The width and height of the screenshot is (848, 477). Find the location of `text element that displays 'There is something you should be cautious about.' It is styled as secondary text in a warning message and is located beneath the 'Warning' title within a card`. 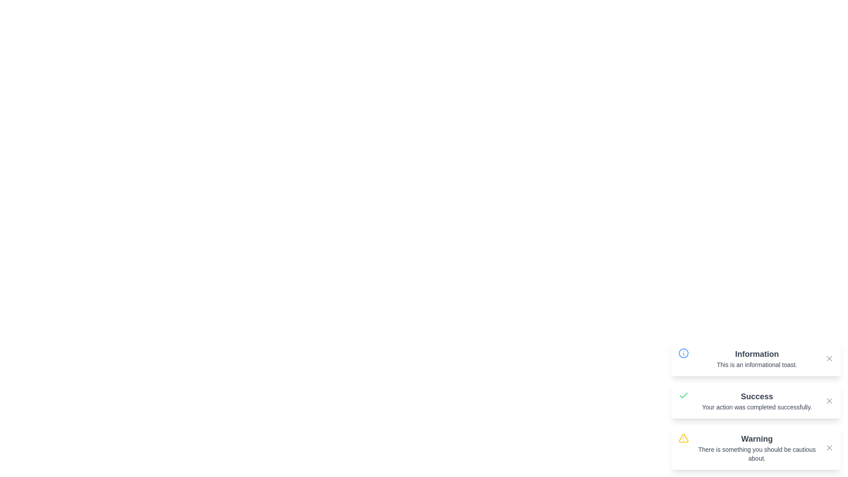

text element that displays 'There is something you should be cautious about.' It is styled as secondary text in a warning message and is located beneath the 'Warning' title within a card is located at coordinates (756, 454).